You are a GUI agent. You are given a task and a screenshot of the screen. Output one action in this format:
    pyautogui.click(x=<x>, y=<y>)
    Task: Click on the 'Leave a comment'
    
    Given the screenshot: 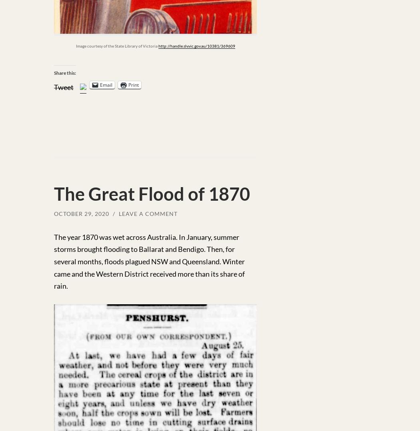 What is the action you would take?
    pyautogui.click(x=148, y=214)
    